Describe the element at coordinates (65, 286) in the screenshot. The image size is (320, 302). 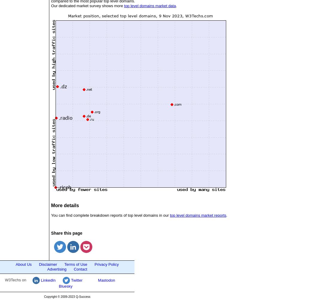
I see `'Bluesky'` at that location.